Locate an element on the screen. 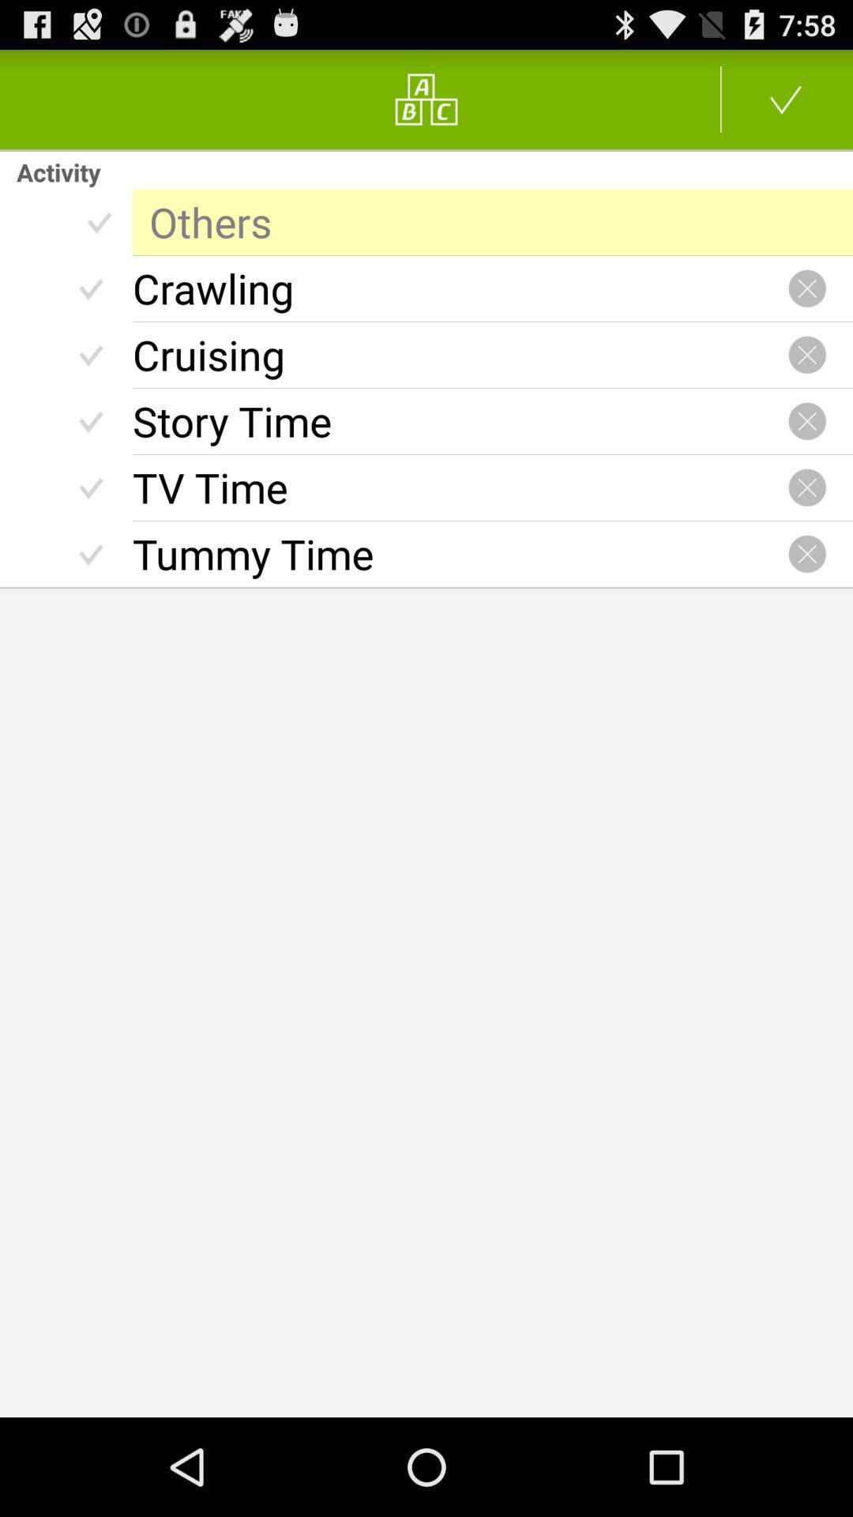  close is located at coordinates (807, 288).